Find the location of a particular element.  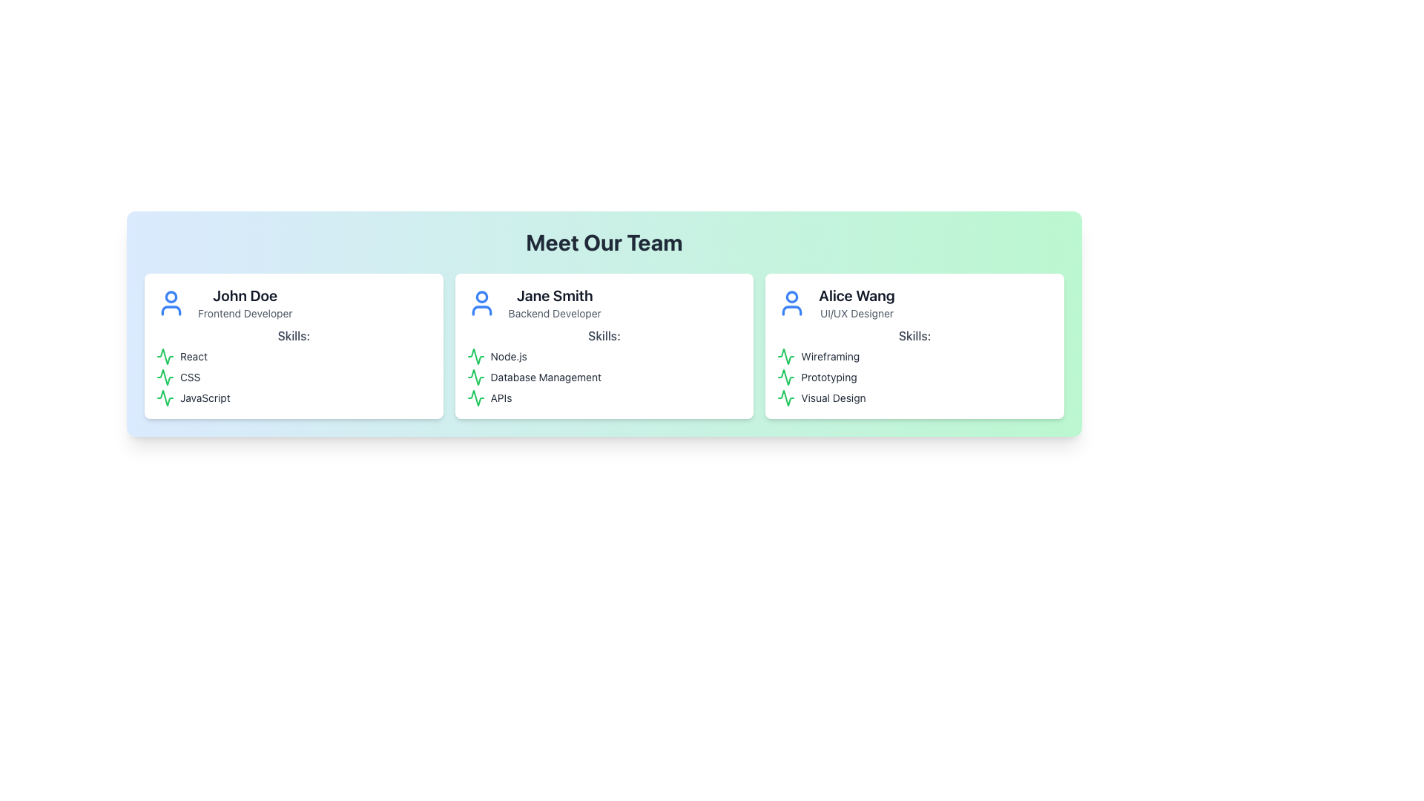

the 'Name' text label from the top of the rightmost card in the 'Meet Our Team' grid is located at coordinates (857, 295).